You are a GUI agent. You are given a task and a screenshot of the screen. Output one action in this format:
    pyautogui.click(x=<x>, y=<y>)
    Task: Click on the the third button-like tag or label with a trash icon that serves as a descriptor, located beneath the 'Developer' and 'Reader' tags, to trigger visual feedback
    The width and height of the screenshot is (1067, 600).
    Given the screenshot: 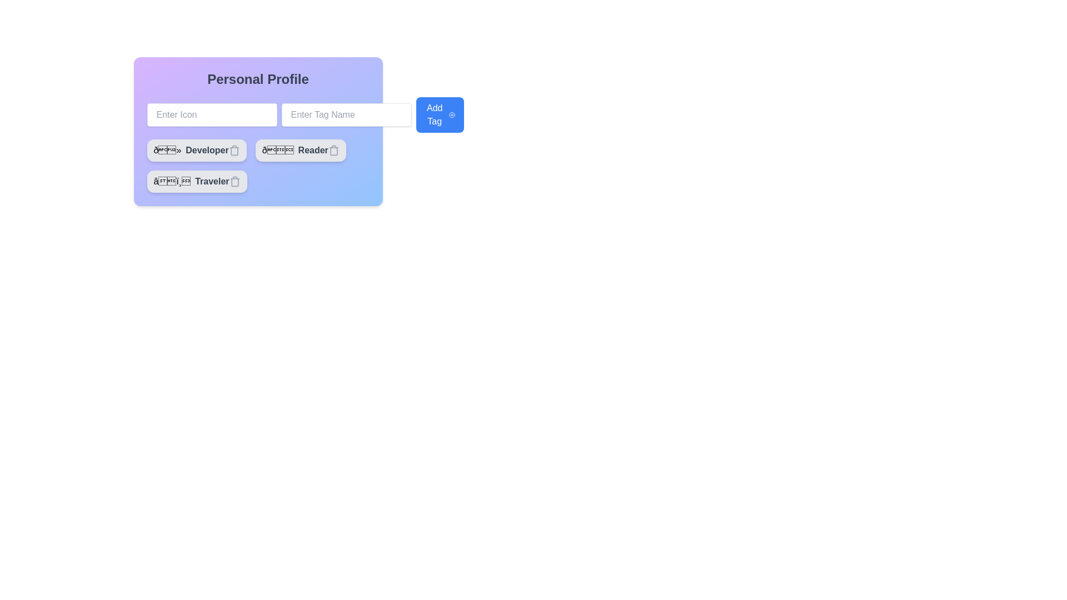 What is the action you would take?
    pyautogui.click(x=197, y=181)
    